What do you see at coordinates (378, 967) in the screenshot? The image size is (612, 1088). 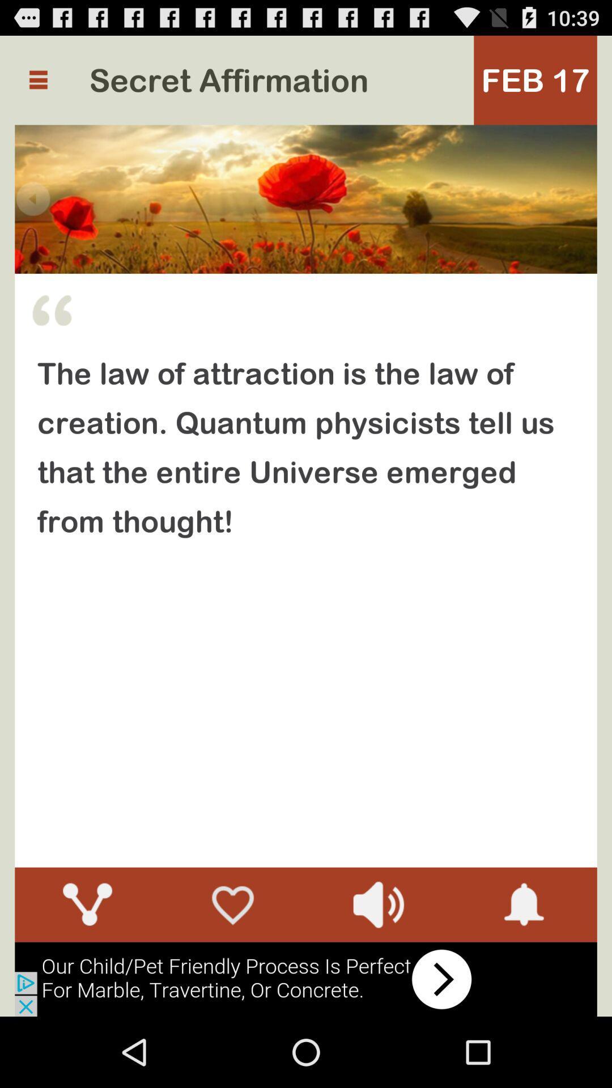 I see `the volume icon` at bounding box center [378, 967].